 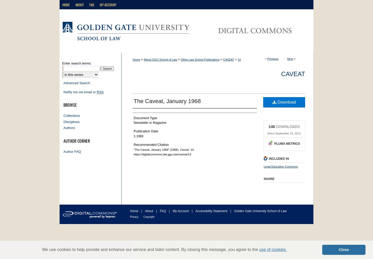 What do you see at coordinates (260, 211) in the screenshot?
I see `'Golden Gate University School of Law'` at bounding box center [260, 211].